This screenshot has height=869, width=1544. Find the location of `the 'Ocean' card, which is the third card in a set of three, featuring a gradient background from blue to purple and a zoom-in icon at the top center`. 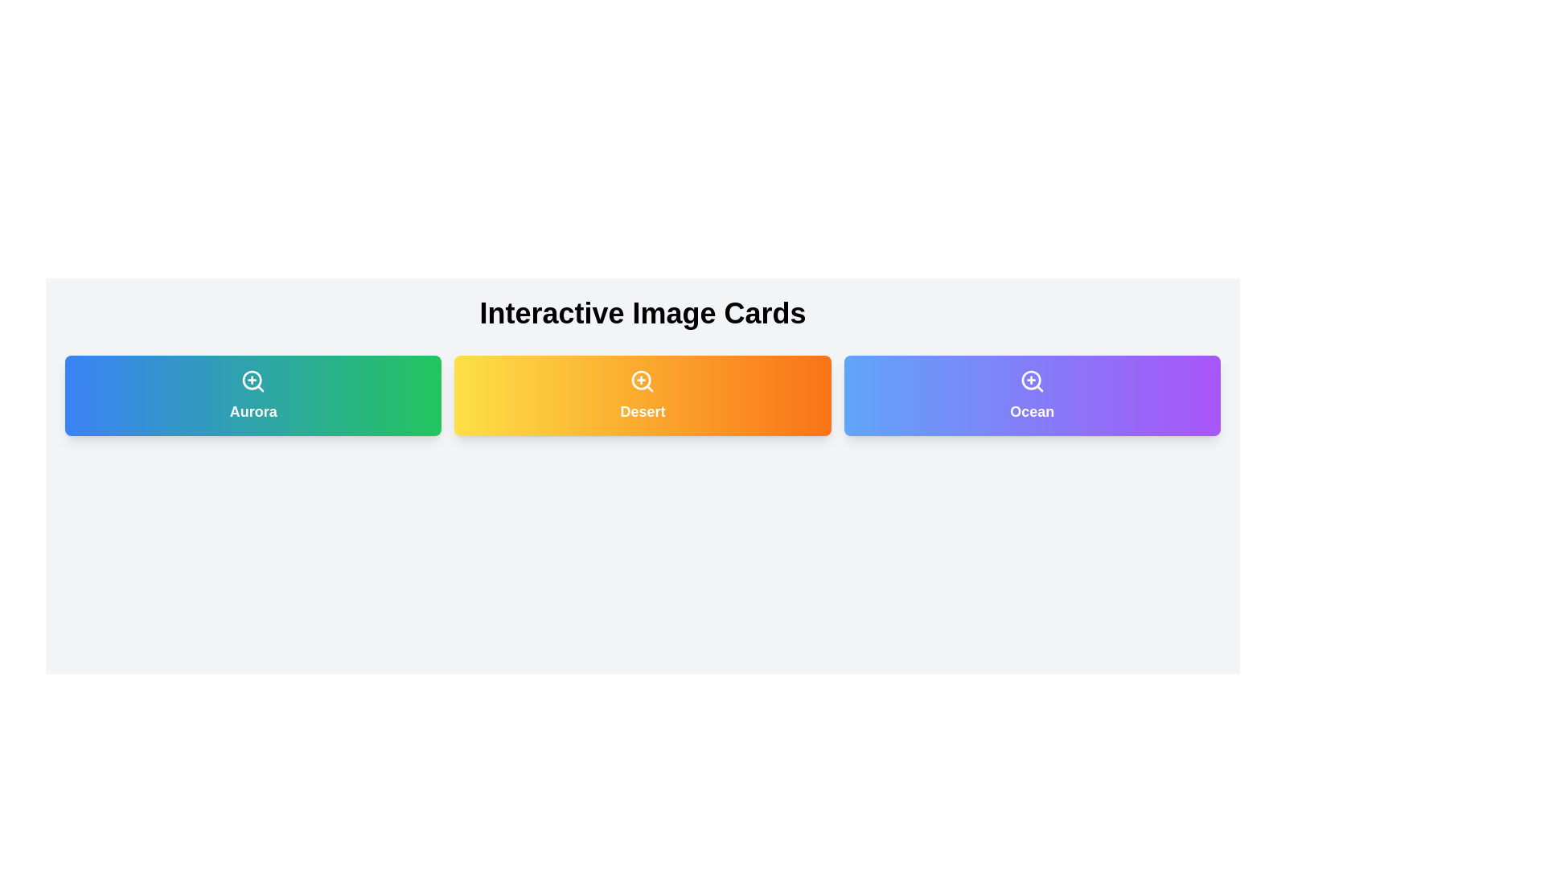

the 'Ocean' card, which is the third card in a set of three, featuring a gradient background from blue to purple and a zoom-in icon at the top center is located at coordinates (1032, 396).